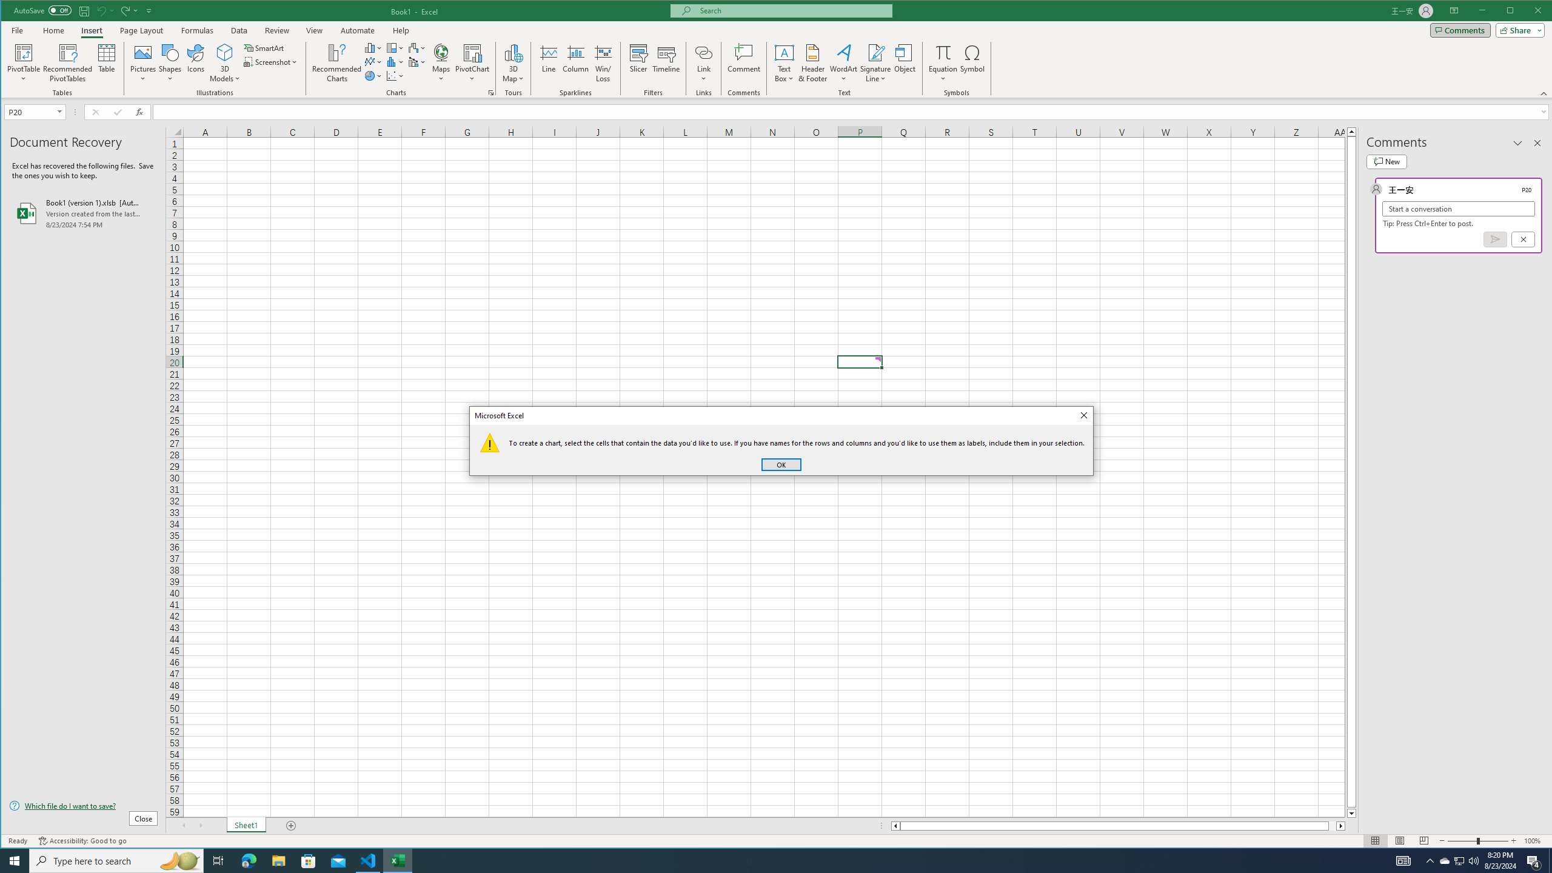 Image resolution: width=1552 pixels, height=873 pixels. Describe the element at coordinates (313, 30) in the screenshot. I see `'View'` at that location.